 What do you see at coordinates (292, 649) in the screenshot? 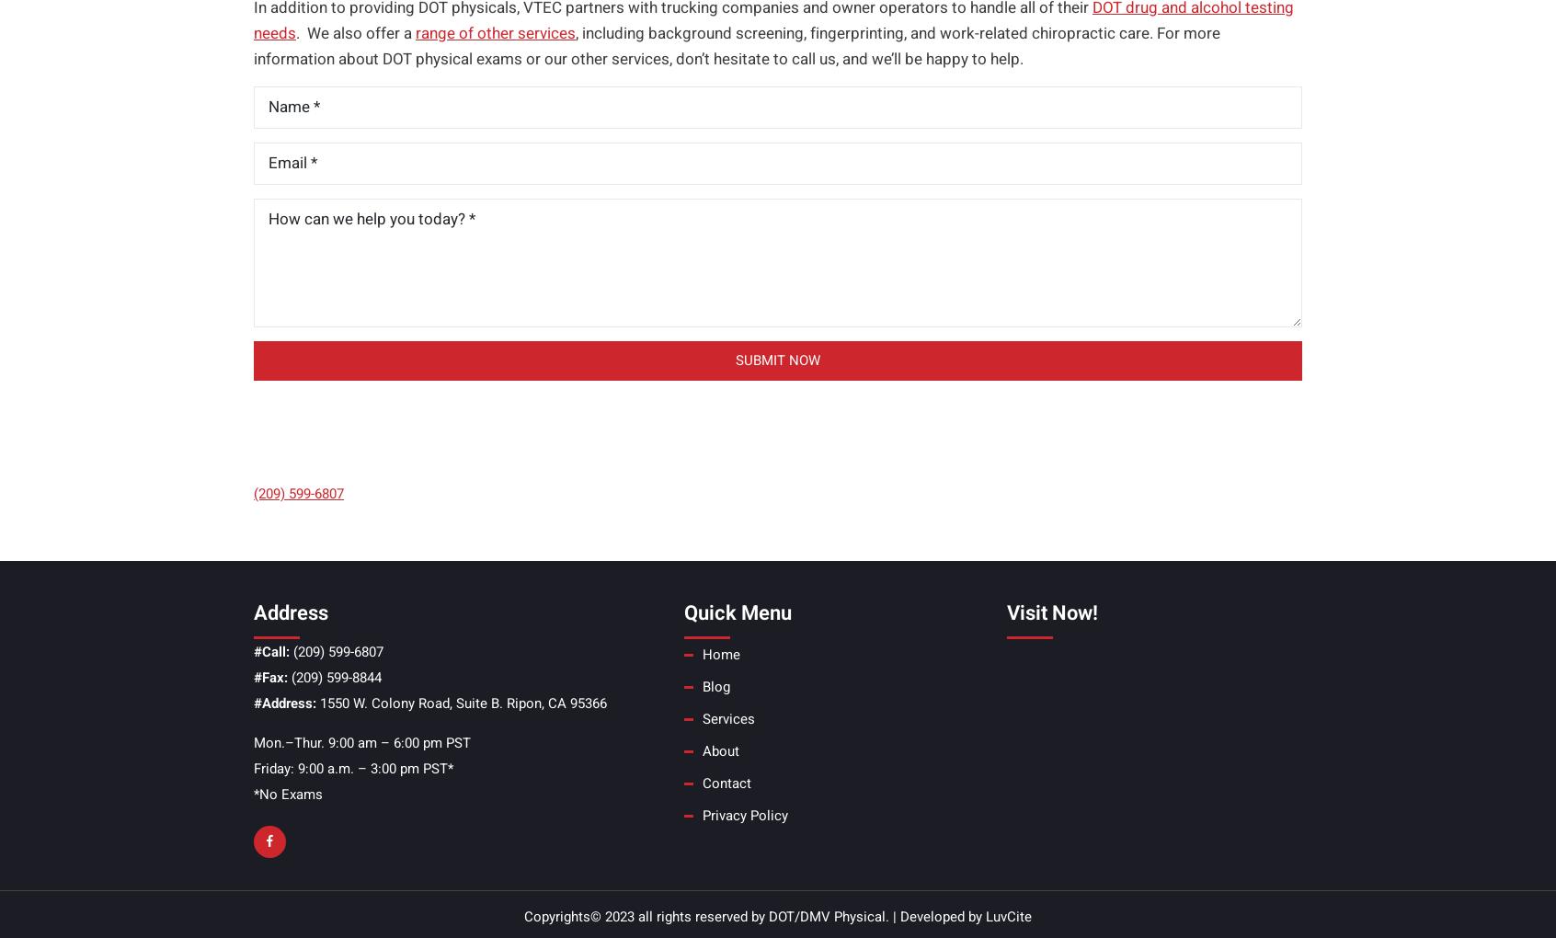
I see `'(209) 599-6807'` at bounding box center [292, 649].